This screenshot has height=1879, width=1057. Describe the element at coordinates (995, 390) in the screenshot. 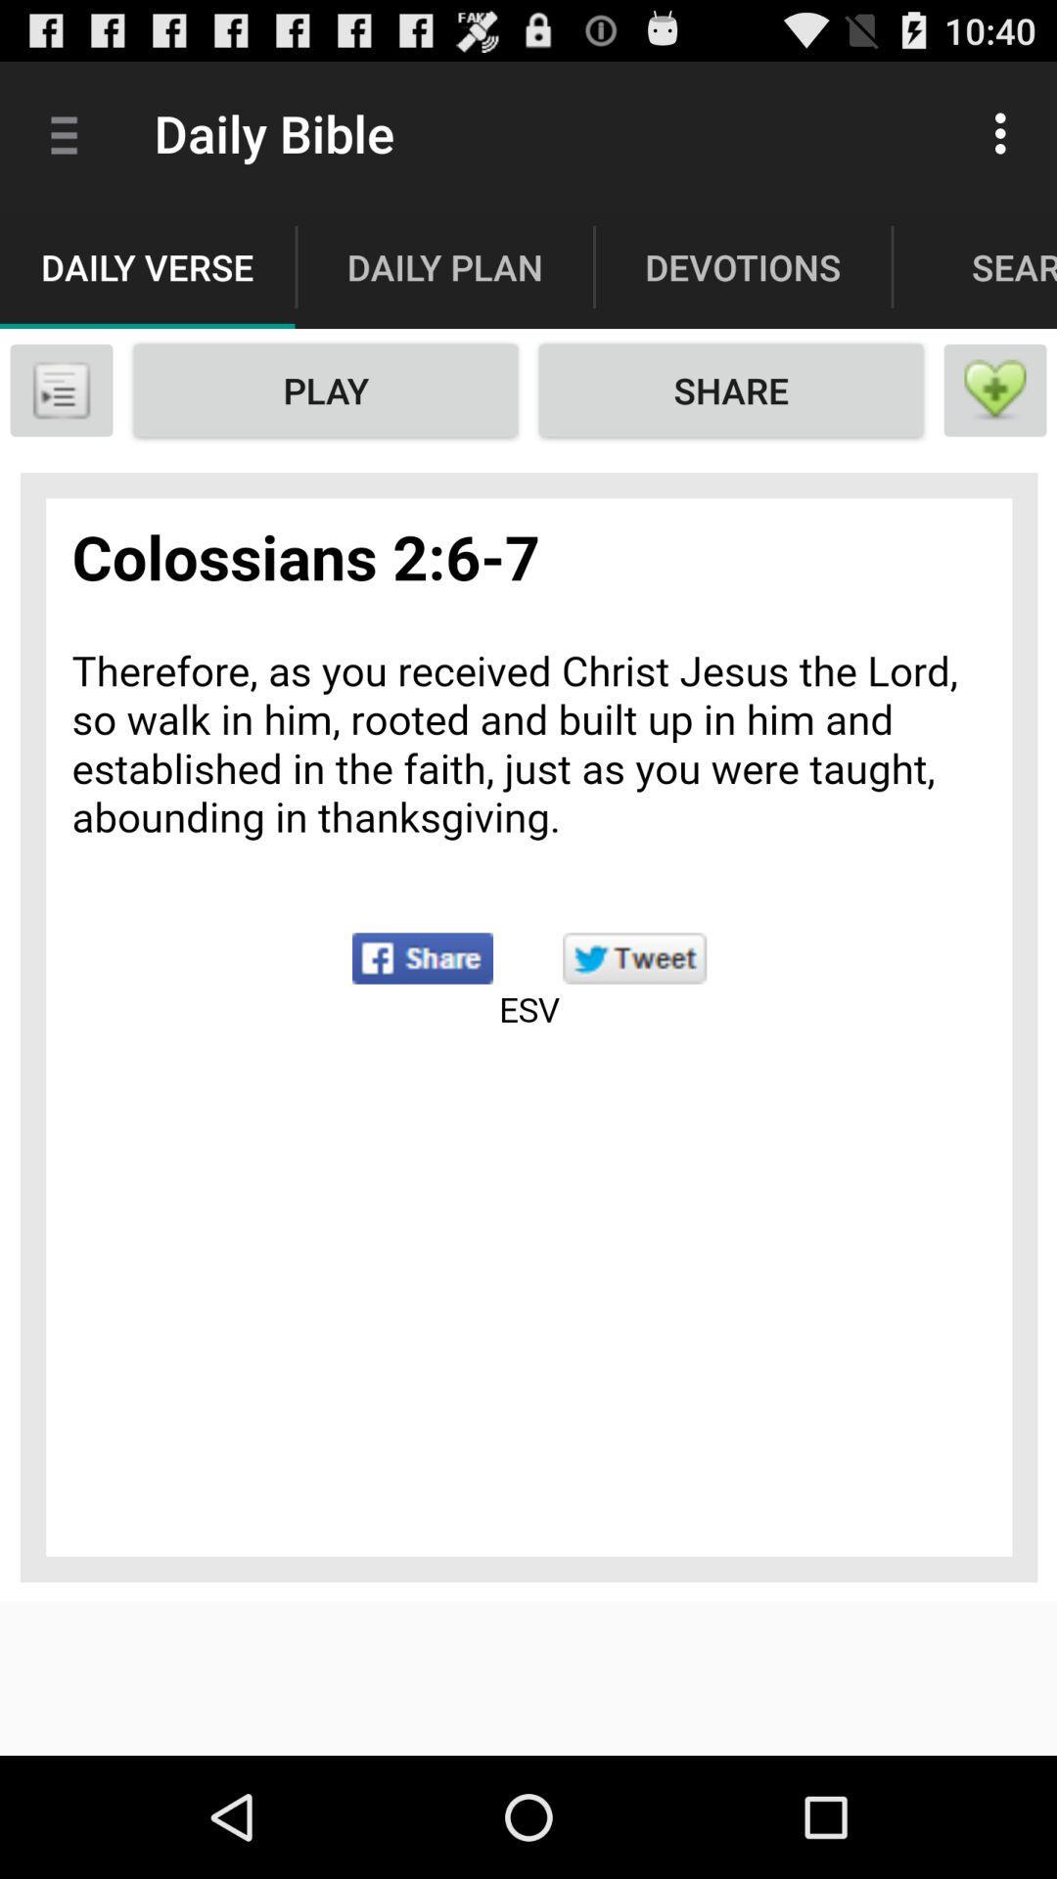

I see `like box` at that location.